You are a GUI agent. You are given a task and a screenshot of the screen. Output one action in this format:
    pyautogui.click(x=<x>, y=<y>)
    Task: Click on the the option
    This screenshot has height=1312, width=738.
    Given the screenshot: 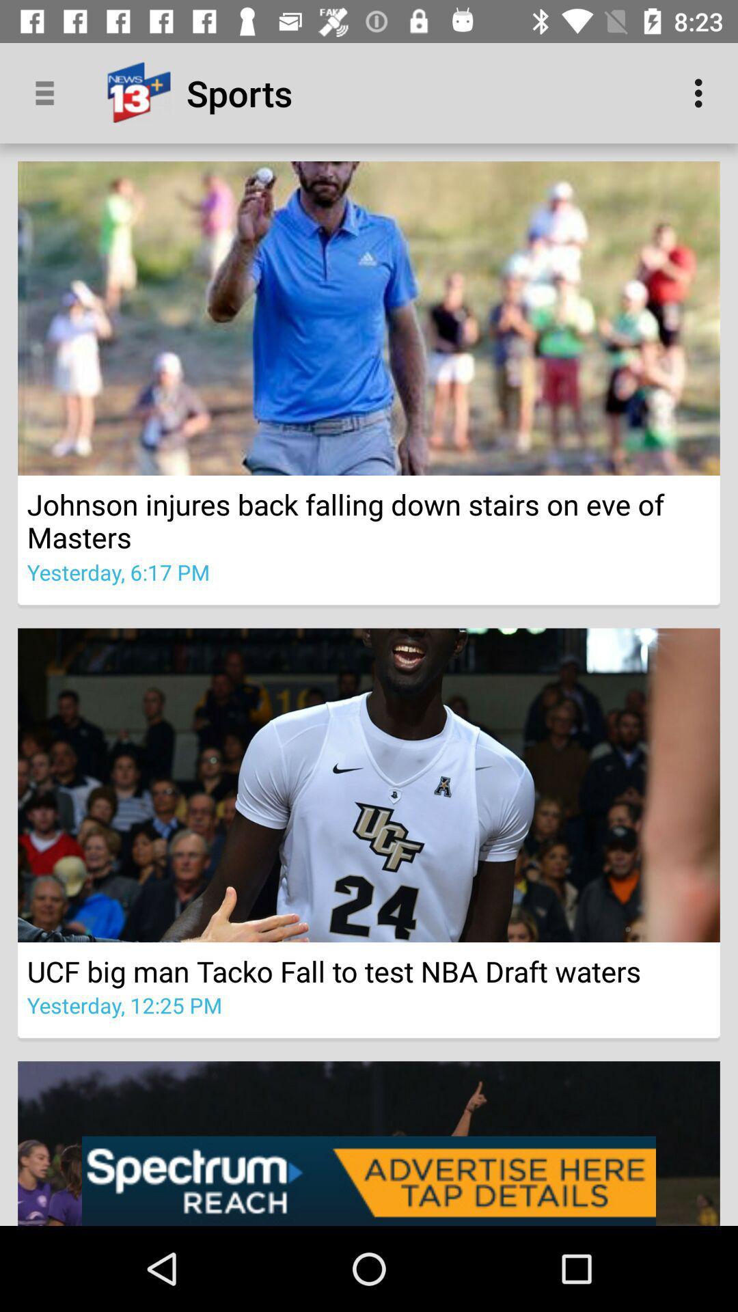 What is the action you would take?
    pyautogui.click(x=369, y=1180)
    